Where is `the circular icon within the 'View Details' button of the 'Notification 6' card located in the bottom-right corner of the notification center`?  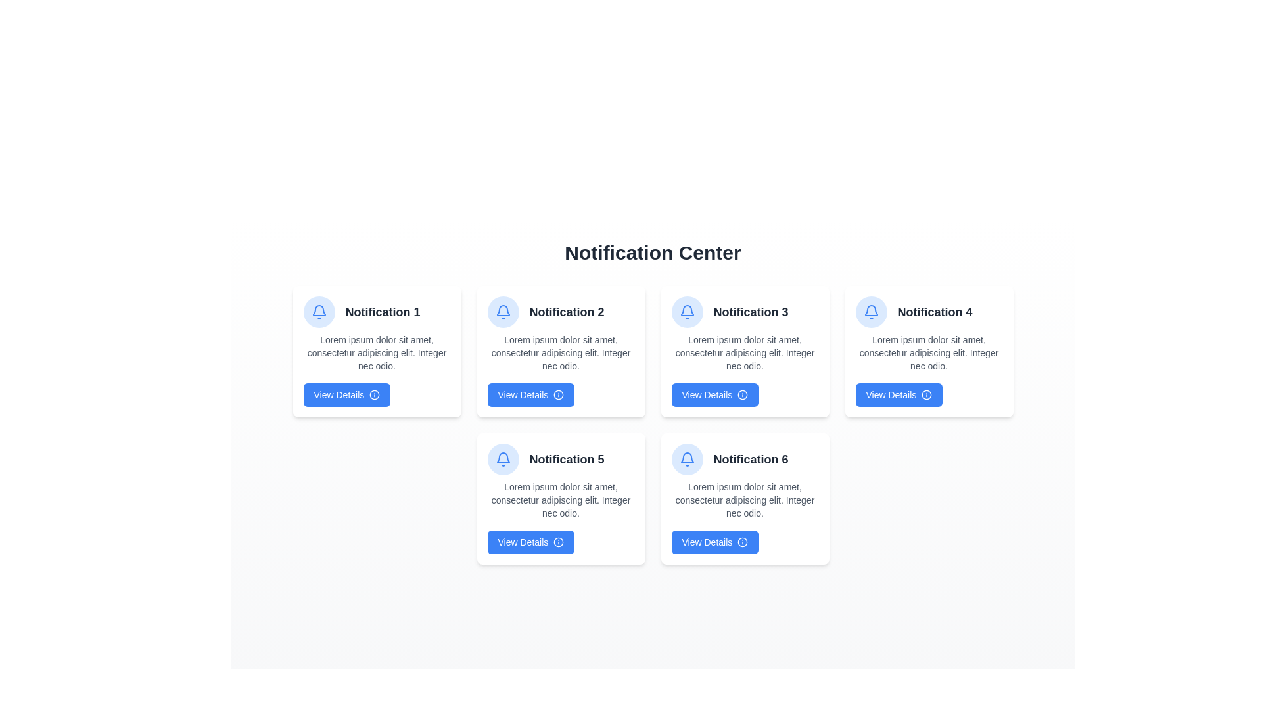
the circular icon within the 'View Details' button of the 'Notification 6' card located in the bottom-right corner of the notification center is located at coordinates (743, 542).